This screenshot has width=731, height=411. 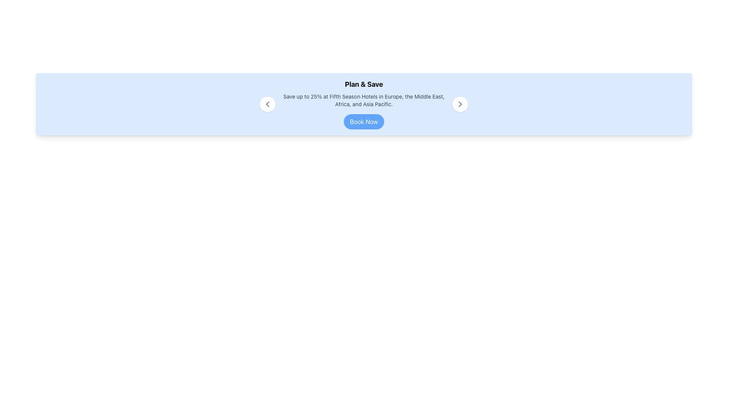 What do you see at coordinates (267, 104) in the screenshot?
I see `the circular button with a white background and a leftward-pointing chevron icon` at bounding box center [267, 104].